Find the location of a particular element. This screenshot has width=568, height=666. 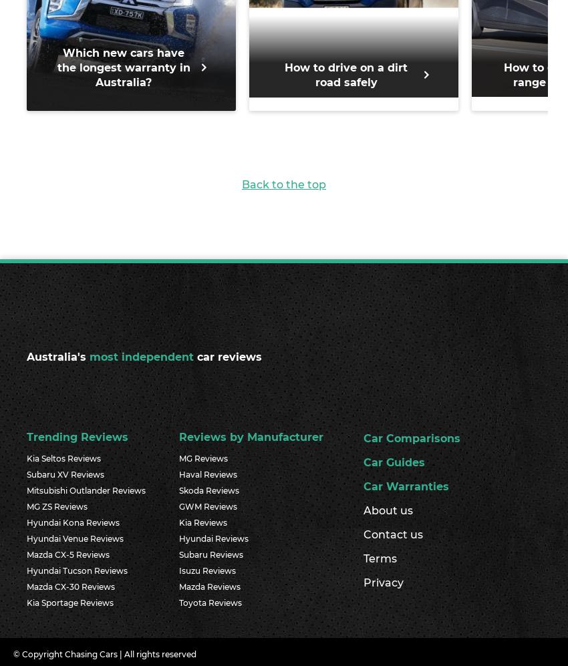

'Car Warranties' is located at coordinates (406, 486).